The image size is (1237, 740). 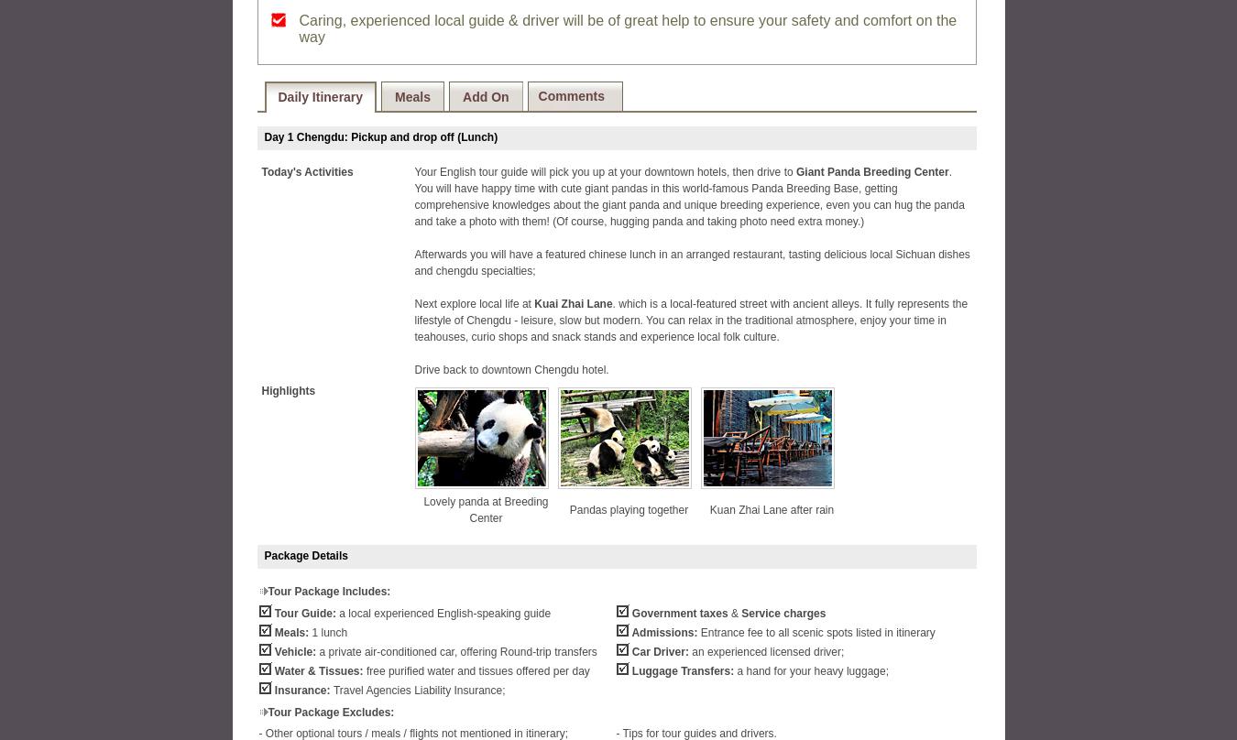 I want to click on '. which is a local-featured street with ancient alleys. It fully represents the lifestyle of Chengdu - leisure, slow but modern. You can relax in the traditional atmosphere, enjoy your time in teahouses, curio shops and snack stands and experience local folk culture.', so click(x=689, y=320).